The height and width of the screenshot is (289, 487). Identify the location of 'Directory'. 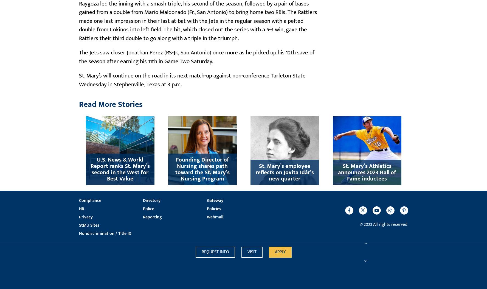
(151, 200).